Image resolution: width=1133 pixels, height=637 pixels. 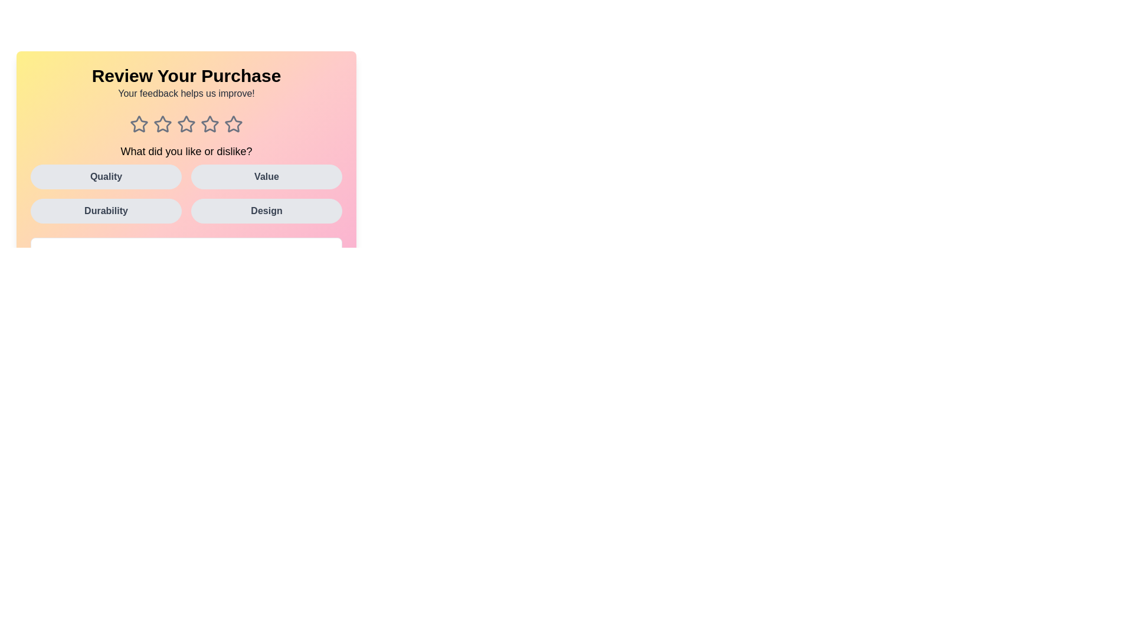 I want to click on the fourth star icon used for rating, located beneath 'Review Your Purchase' and above 'What did you like or dislike?', so click(x=209, y=124).